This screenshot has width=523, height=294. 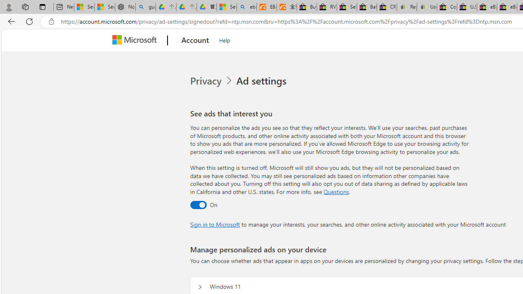 What do you see at coordinates (51, 21) in the screenshot?
I see `'View site information'` at bounding box center [51, 21].